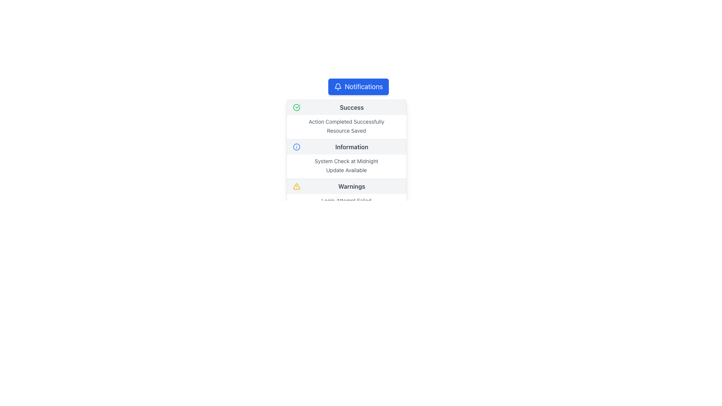 The height and width of the screenshot is (406, 722). Describe the element at coordinates (346, 127) in the screenshot. I see `the success message displayed in the Text Display located in the 'Success' section, positioned below the label 'Success' and above the section labeled 'Information'` at that location.